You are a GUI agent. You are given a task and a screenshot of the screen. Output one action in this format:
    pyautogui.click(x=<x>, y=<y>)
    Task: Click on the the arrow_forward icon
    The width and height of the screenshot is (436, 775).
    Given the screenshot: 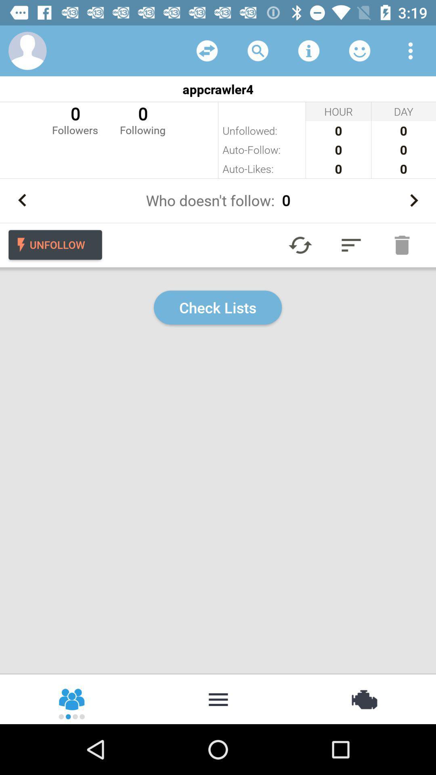 What is the action you would take?
    pyautogui.click(x=413, y=200)
    